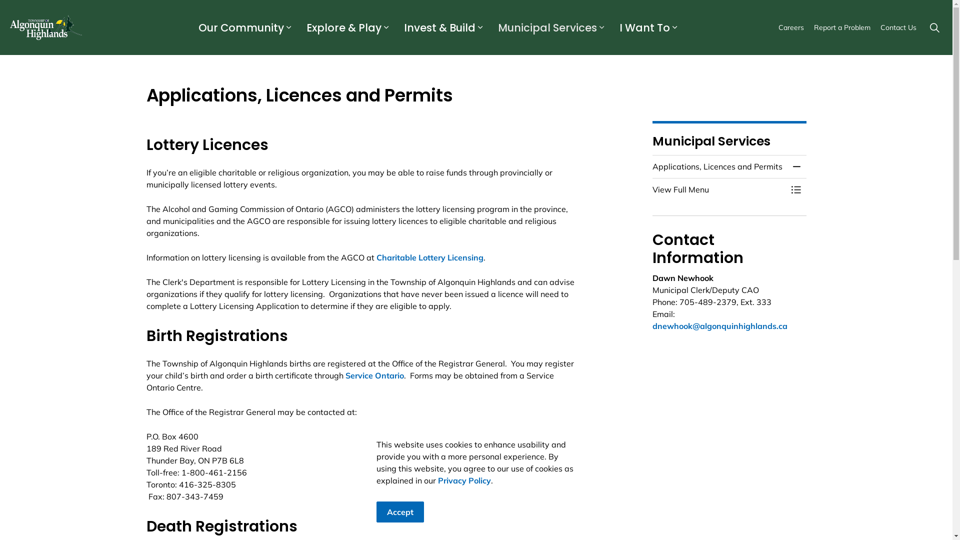  What do you see at coordinates (719, 189) in the screenshot?
I see `'View Full Menu'` at bounding box center [719, 189].